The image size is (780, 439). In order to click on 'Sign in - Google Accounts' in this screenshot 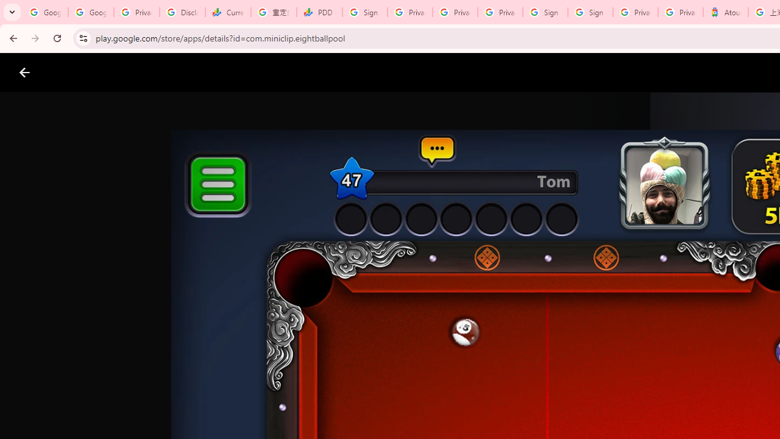, I will do `click(364, 12)`.